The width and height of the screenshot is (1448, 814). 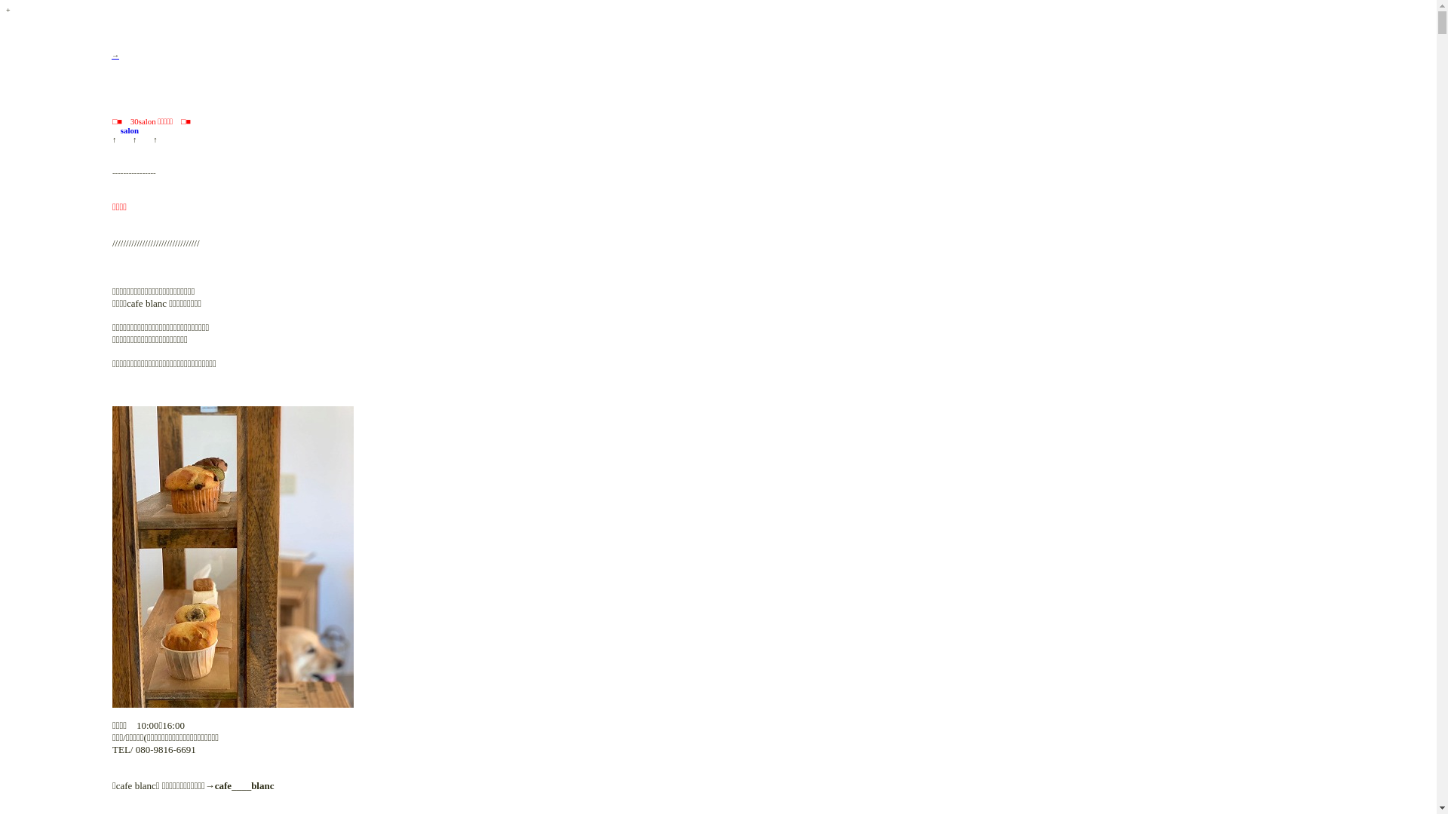 I want to click on '+', so click(x=8, y=8).